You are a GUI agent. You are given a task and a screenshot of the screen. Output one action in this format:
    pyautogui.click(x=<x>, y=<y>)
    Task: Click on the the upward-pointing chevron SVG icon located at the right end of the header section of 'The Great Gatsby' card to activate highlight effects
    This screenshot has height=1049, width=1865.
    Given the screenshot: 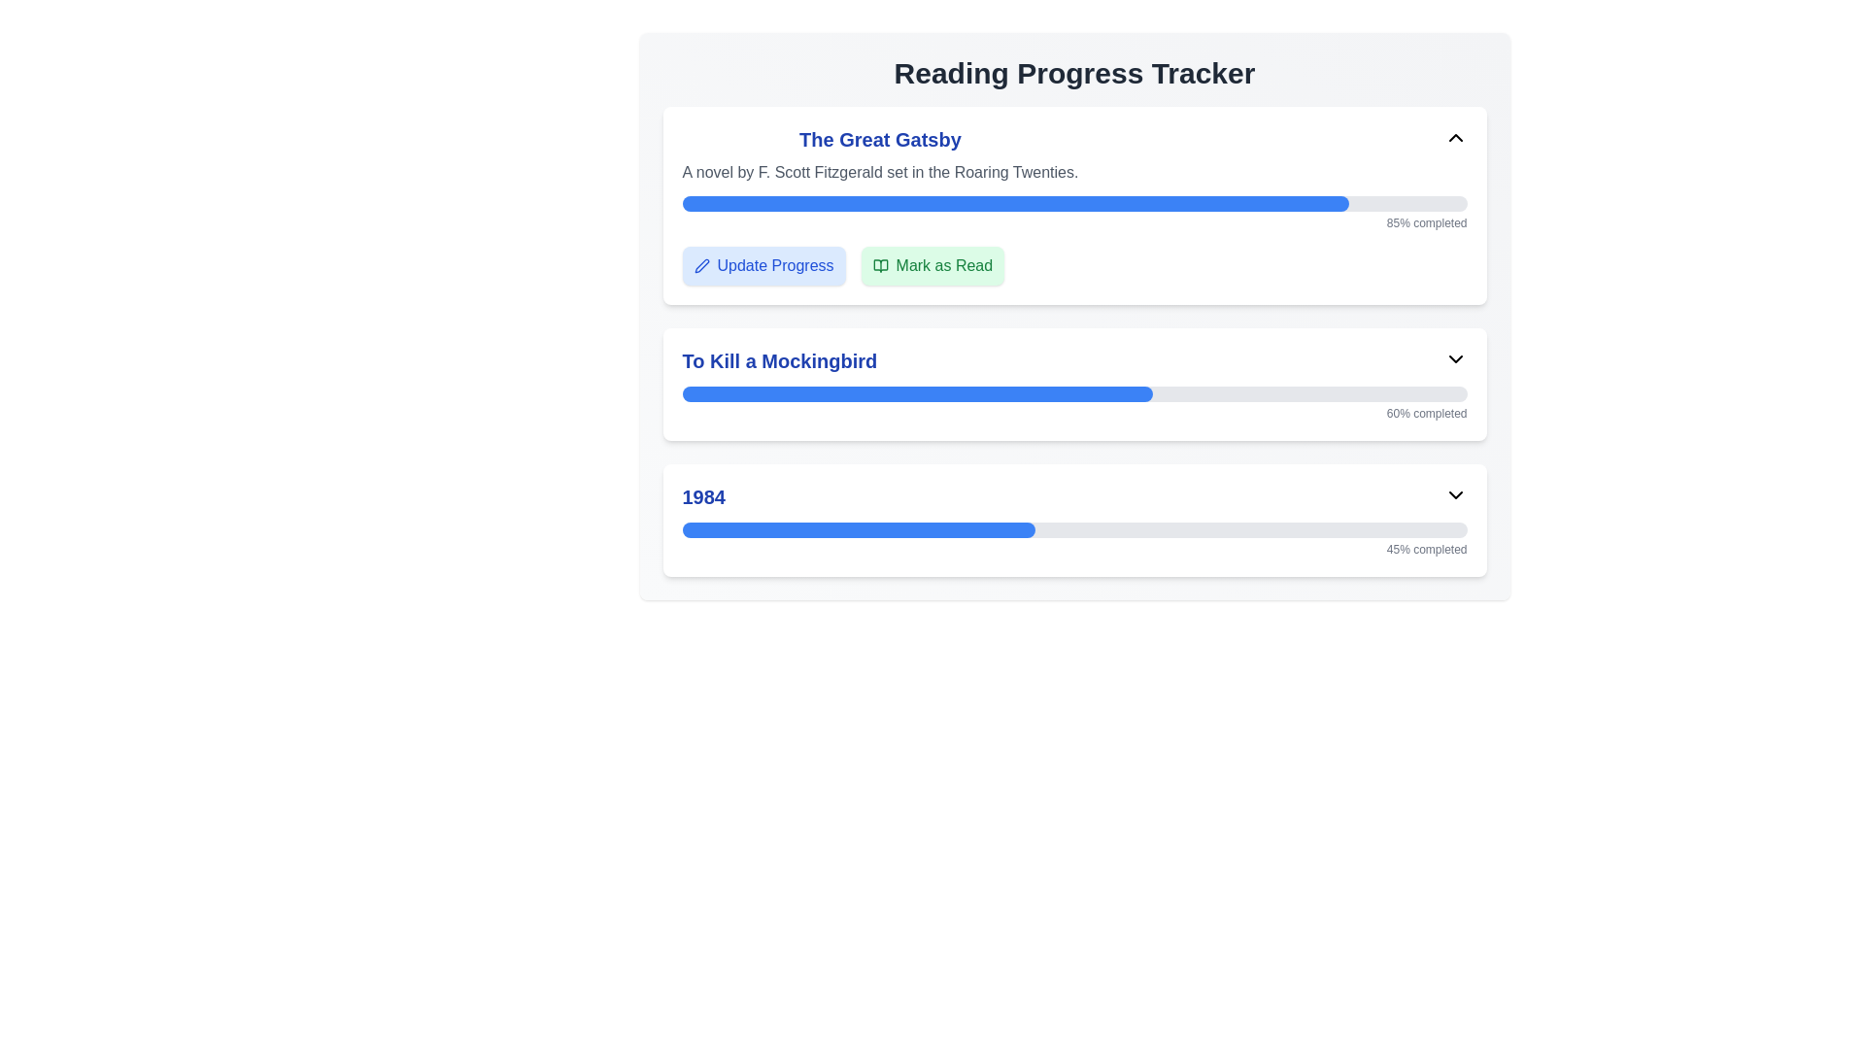 What is the action you would take?
    pyautogui.click(x=1455, y=137)
    